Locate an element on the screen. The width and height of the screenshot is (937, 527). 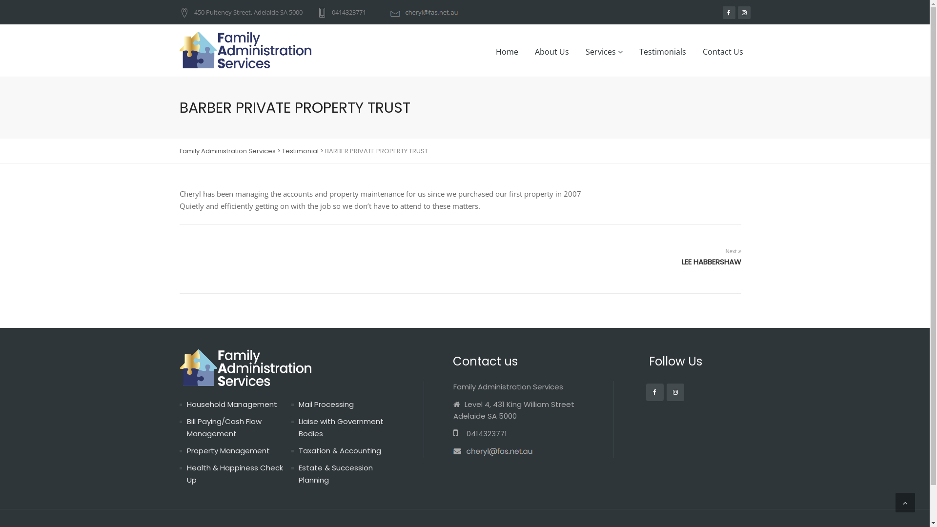
'Bill Paying/Cash Flow Management' is located at coordinates (223, 426).